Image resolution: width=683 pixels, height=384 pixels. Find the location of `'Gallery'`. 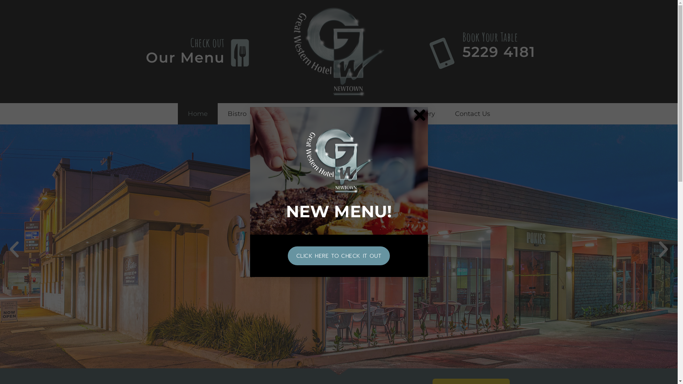

'Gallery' is located at coordinates (424, 113).